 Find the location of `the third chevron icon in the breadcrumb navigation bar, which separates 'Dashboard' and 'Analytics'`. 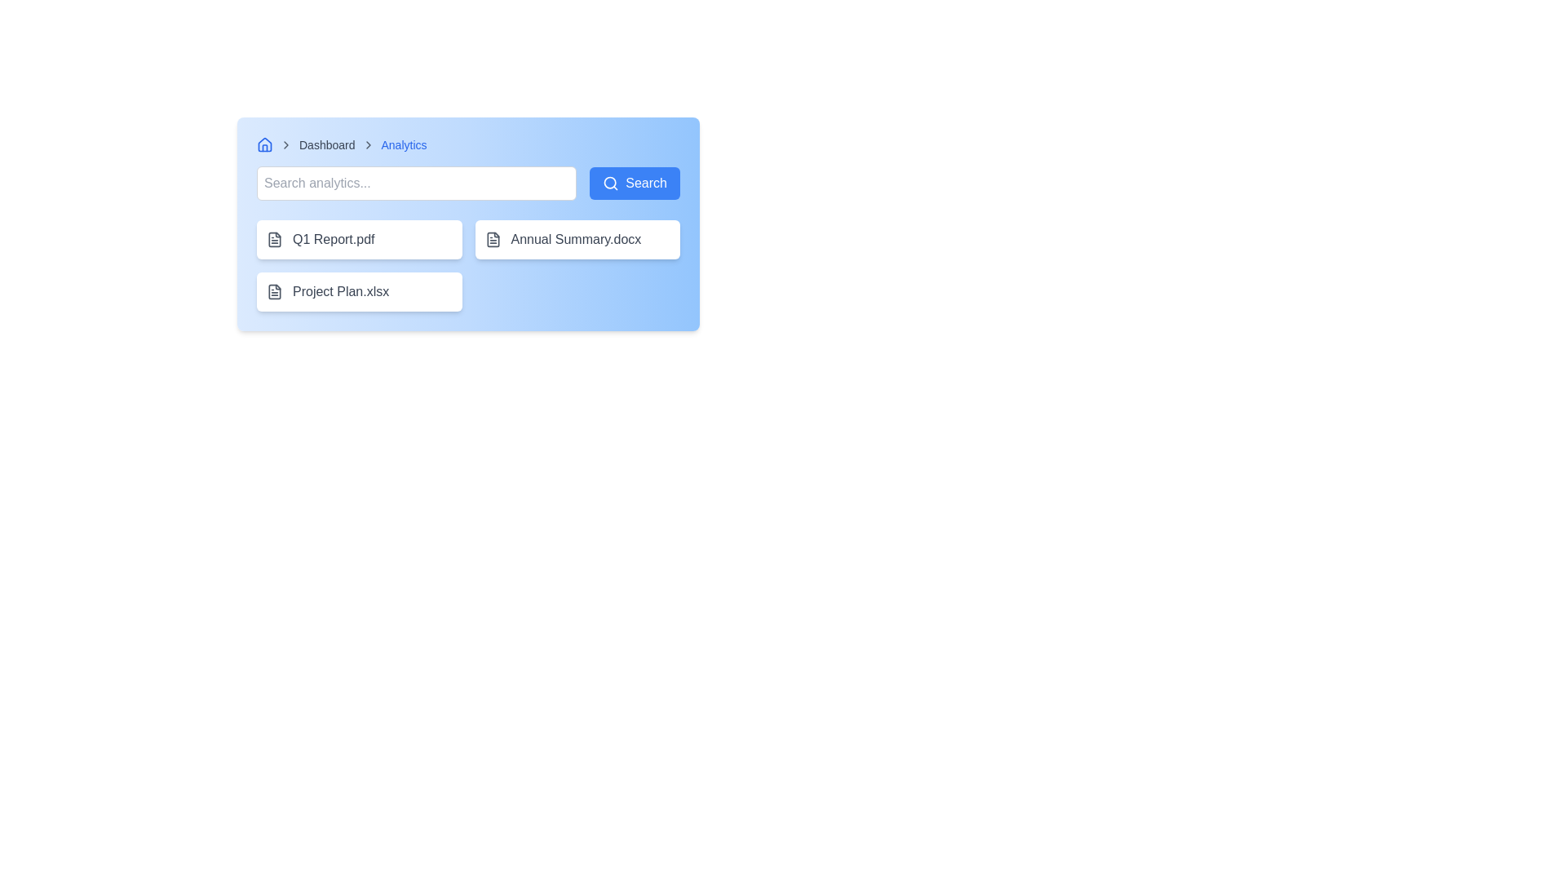

the third chevron icon in the breadcrumb navigation bar, which separates 'Dashboard' and 'Analytics' is located at coordinates (367, 144).